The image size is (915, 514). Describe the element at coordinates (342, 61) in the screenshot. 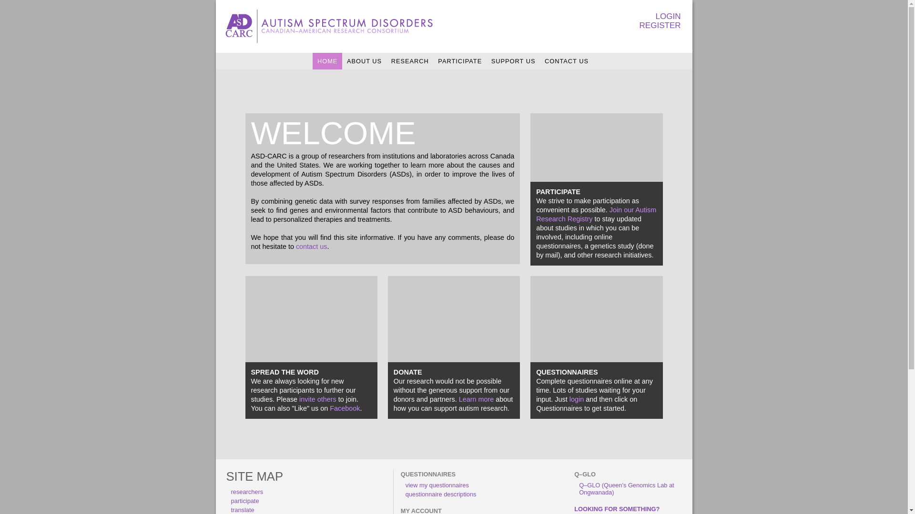

I see `'ABOUT US'` at that location.